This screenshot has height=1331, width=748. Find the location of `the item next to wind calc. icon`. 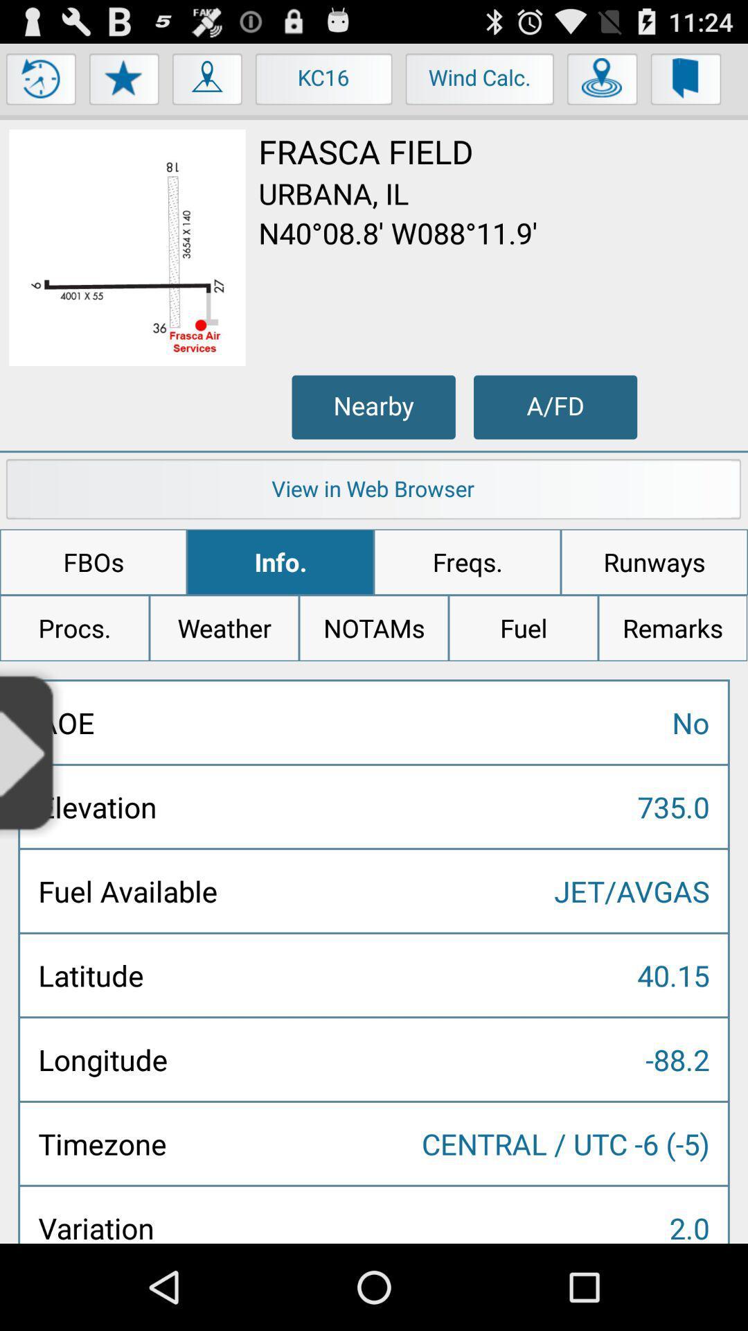

the item next to wind calc. icon is located at coordinates (602, 82).